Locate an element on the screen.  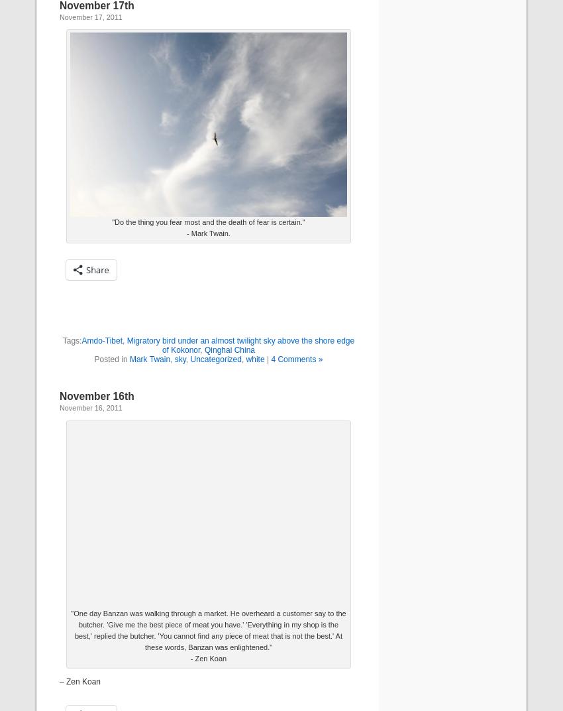
'|' is located at coordinates (264, 359).